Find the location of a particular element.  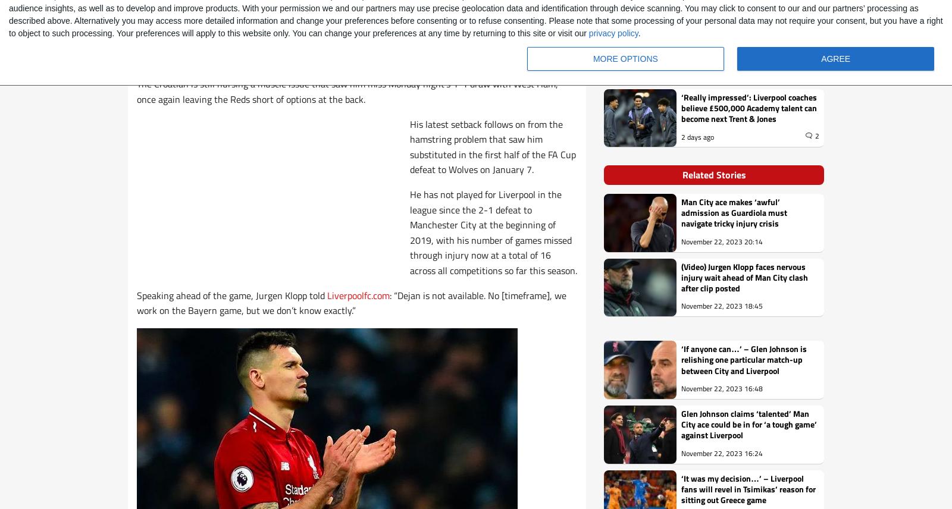

'November 22, 2023 16:48' is located at coordinates (721, 388).